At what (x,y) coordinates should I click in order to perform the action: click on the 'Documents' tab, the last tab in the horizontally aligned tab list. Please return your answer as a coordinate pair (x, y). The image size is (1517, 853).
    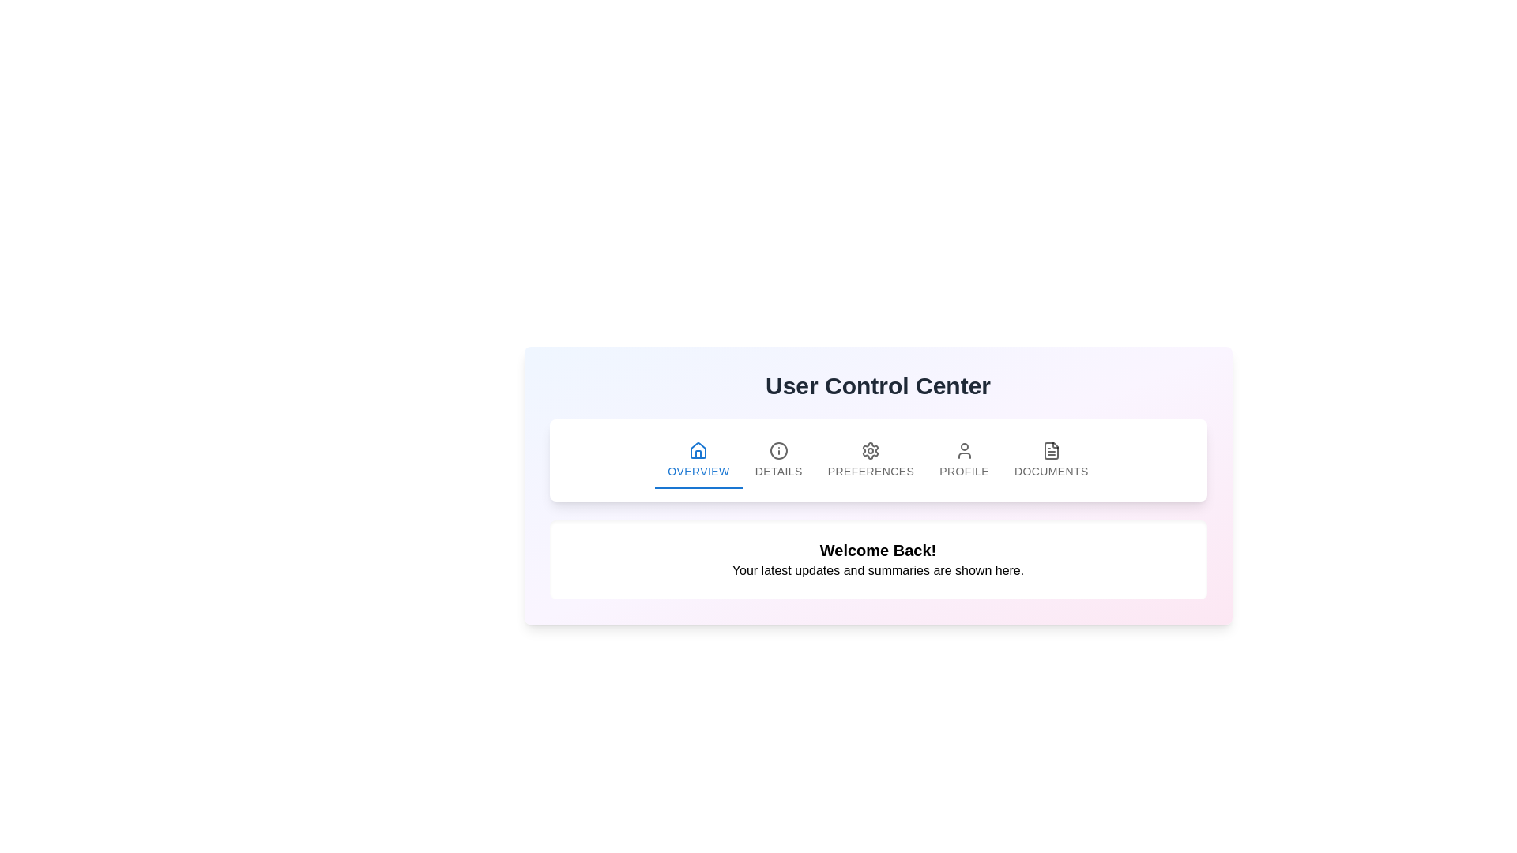
    Looking at the image, I should click on (1051, 460).